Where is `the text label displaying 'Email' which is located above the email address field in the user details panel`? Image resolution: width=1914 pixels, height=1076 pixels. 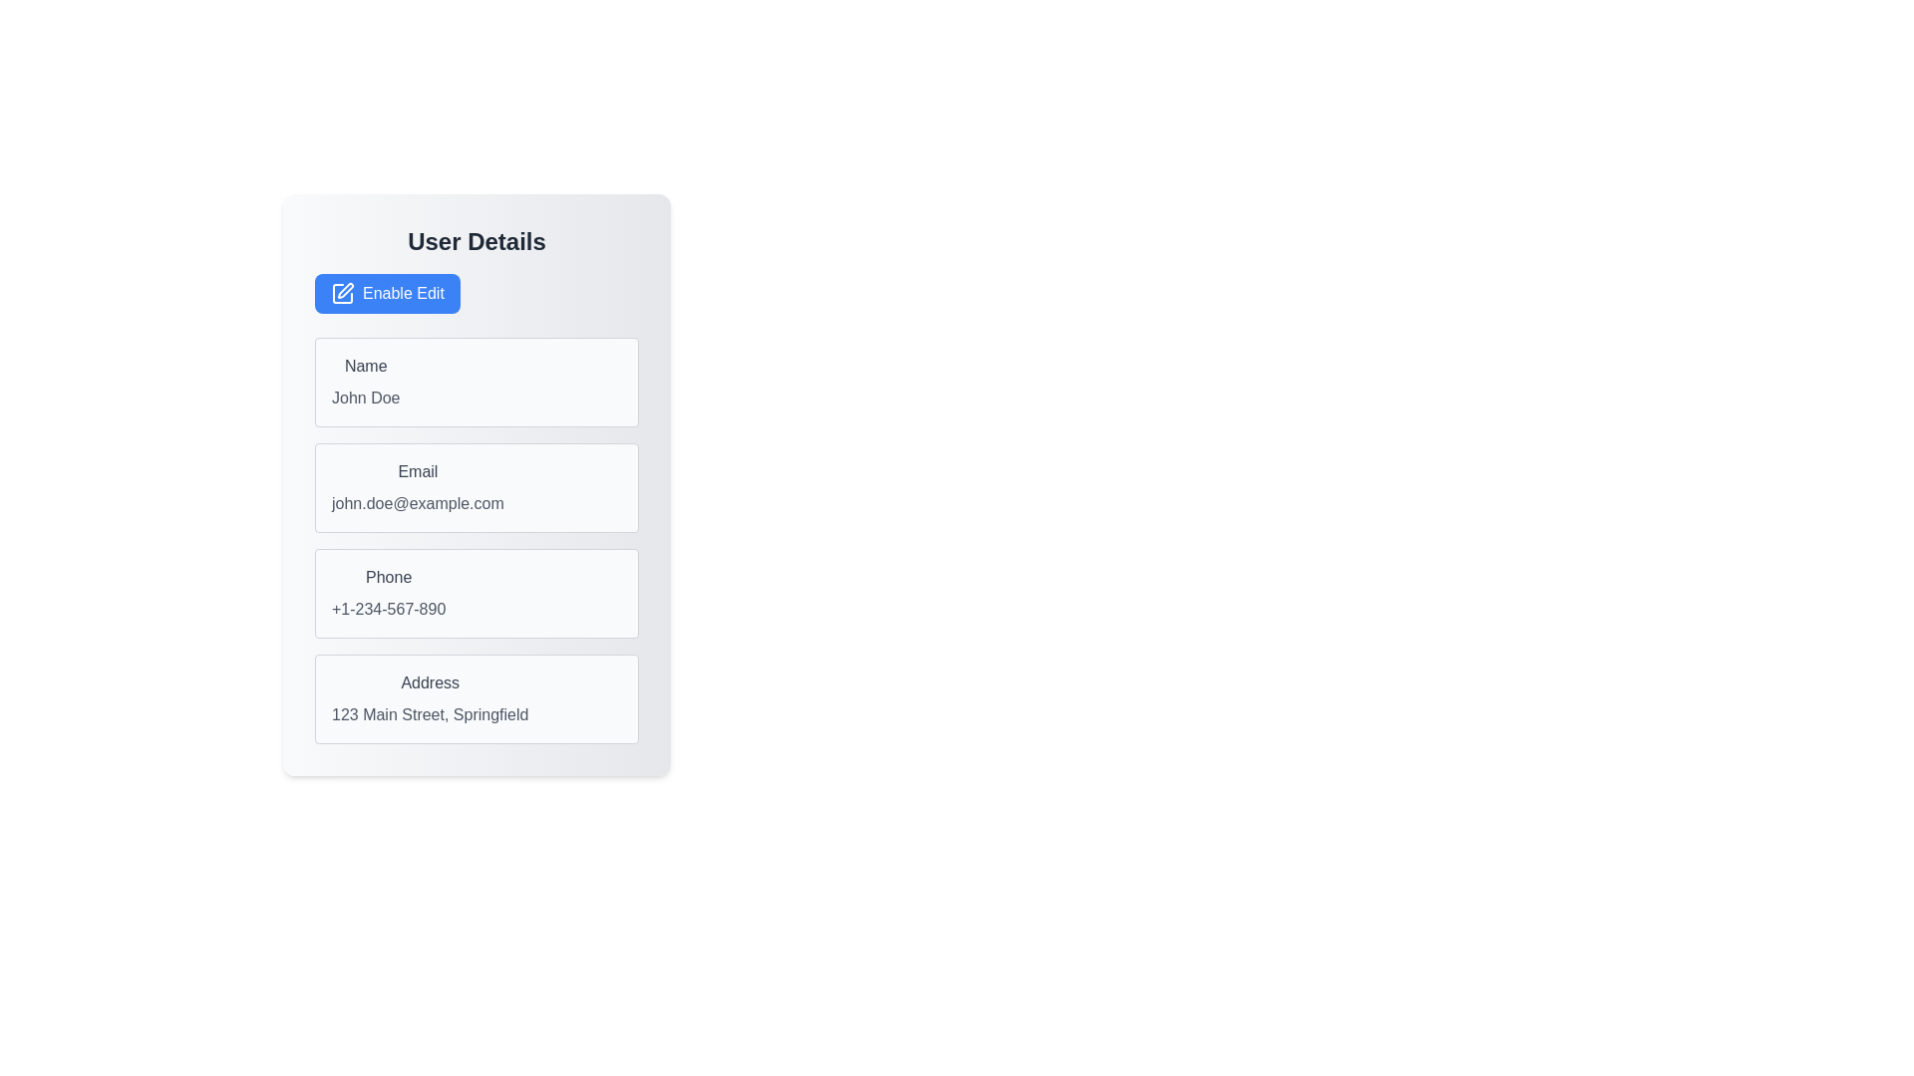
the text label displaying 'Email' which is located above the email address field in the user details panel is located at coordinates (417, 472).